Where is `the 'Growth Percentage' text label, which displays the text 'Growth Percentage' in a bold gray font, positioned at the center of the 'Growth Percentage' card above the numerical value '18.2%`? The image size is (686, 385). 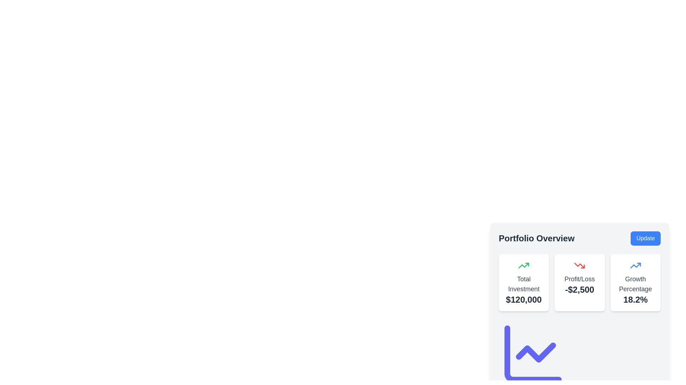
the 'Growth Percentage' text label, which displays the text 'Growth Percentage' in a bold gray font, positioned at the center of the 'Growth Percentage' card above the numerical value '18.2% is located at coordinates (635, 284).